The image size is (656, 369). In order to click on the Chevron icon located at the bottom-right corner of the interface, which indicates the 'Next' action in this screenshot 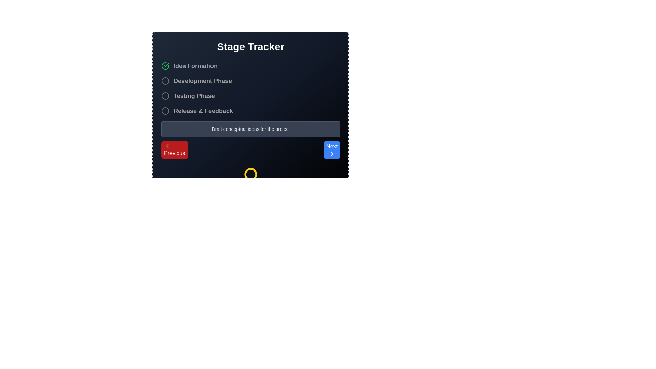, I will do `click(332, 154)`.